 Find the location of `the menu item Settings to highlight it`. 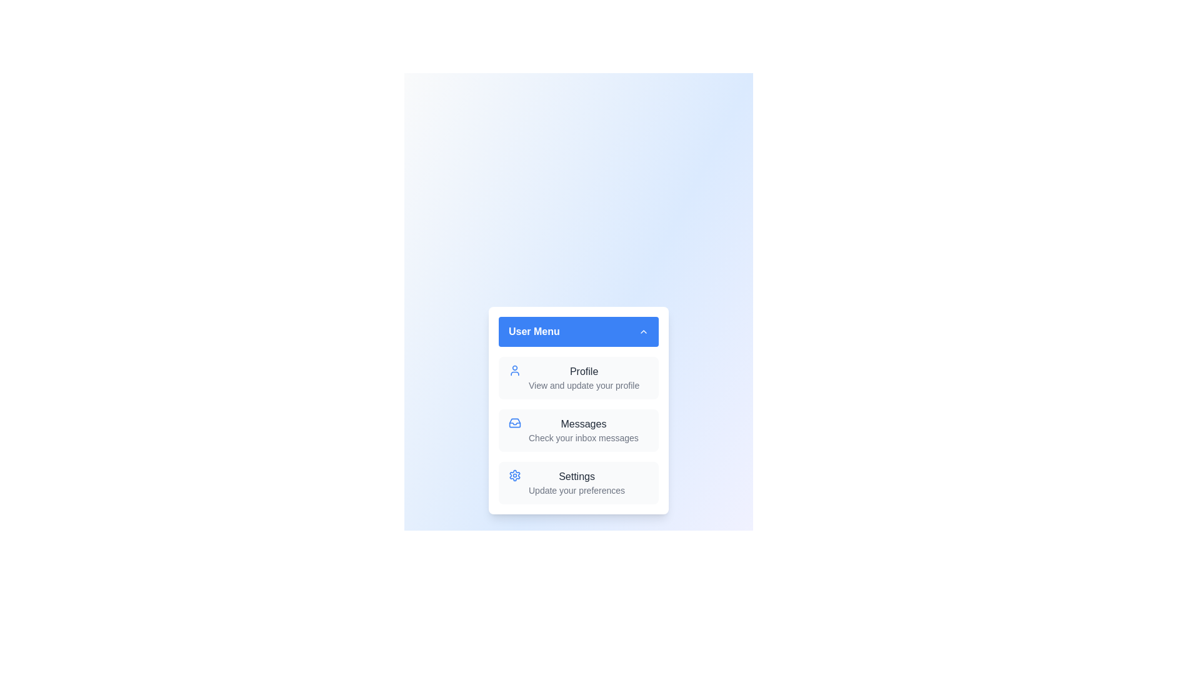

the menu item Settings to highlight it is located at coordinates (578, 482).